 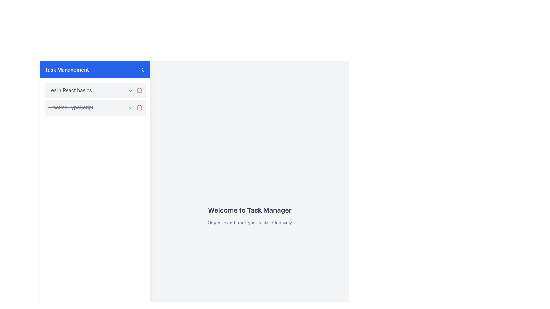 What do you see at coordinates (131, 90) in the screenshot?
I see `the task completion indicator icon for the task 'Practice TypeScript', which is the second item in the task list on the left panel` at bounding box center [131, 90].